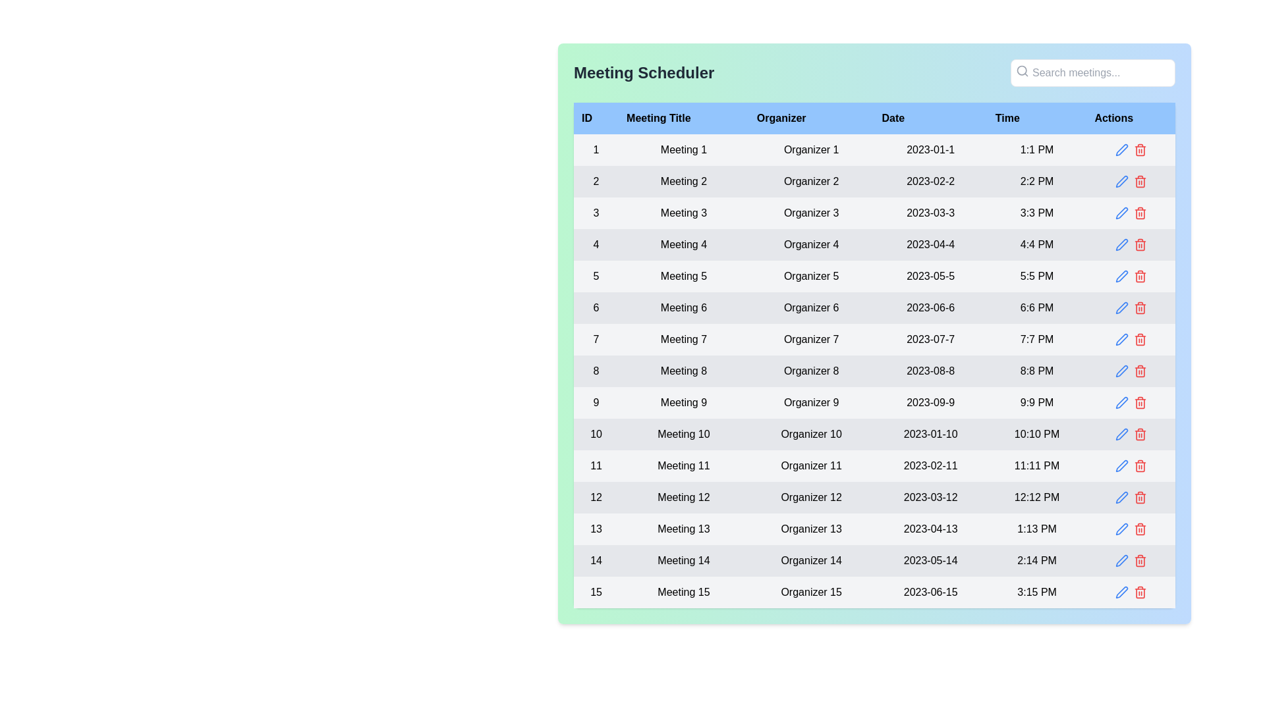 Image resolution: width=1265 pixels, height=711 pixels. Describe the element at coordinates (596, 213) in the screenshot. I see `the text element displaying the numeral '3' in the table under the 'ID' column, which is the first item in its row` at that location.